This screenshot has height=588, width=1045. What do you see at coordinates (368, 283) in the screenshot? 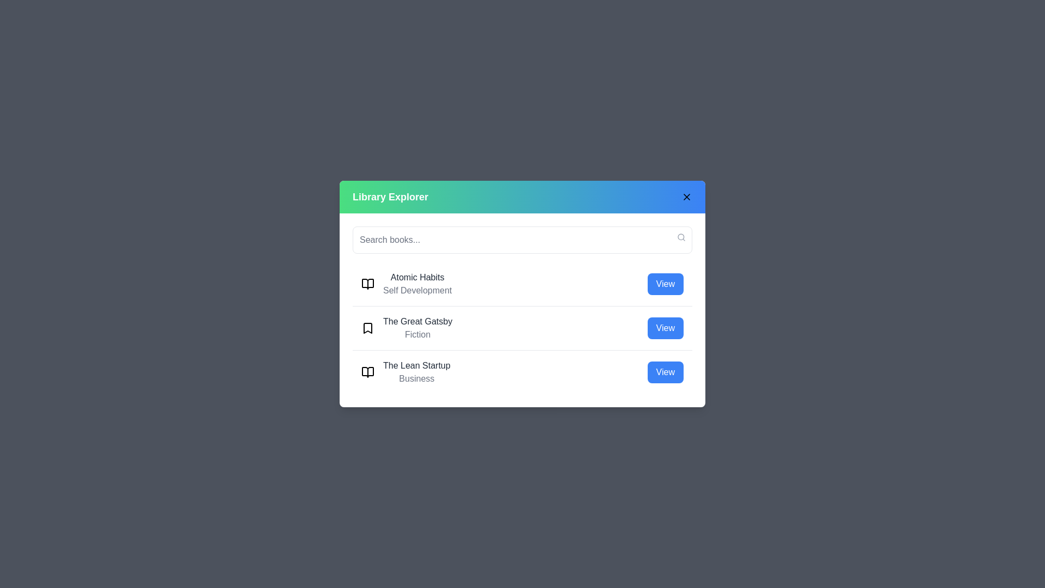
I see `the book icon for Atomic Habits to interact with it` at bounding box center [368, 283].